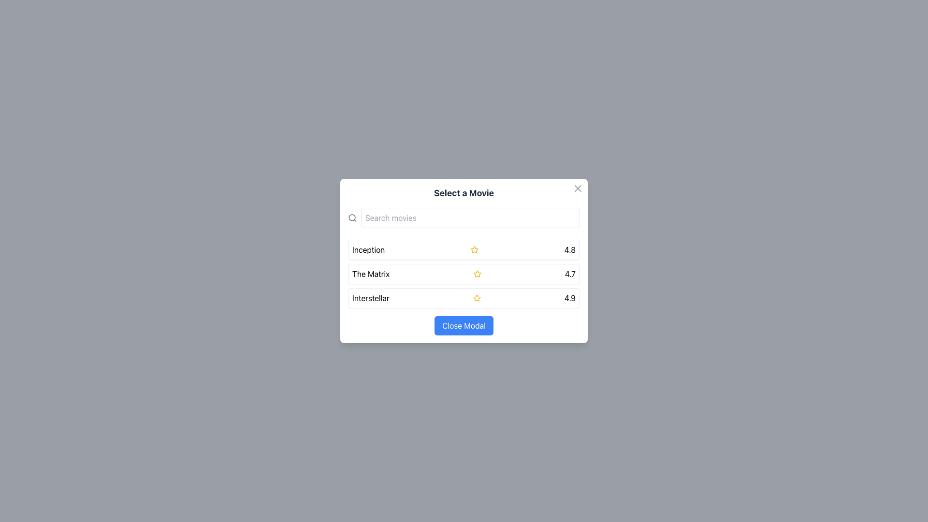 The height and width of the screenshot is (522, 928). What do you see at coordinates (578, 188) in the screenshot?
I see `the 'Close Modal' button located at the top-right corner of the modal dialog with the title 'Select a Movie' to trigger visual feedback` at bounding box center [578, 188].